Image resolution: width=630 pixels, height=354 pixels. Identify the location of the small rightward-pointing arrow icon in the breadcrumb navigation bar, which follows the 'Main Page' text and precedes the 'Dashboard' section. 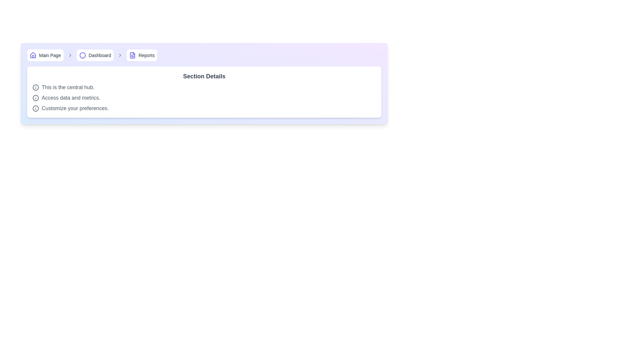
(70, 55).